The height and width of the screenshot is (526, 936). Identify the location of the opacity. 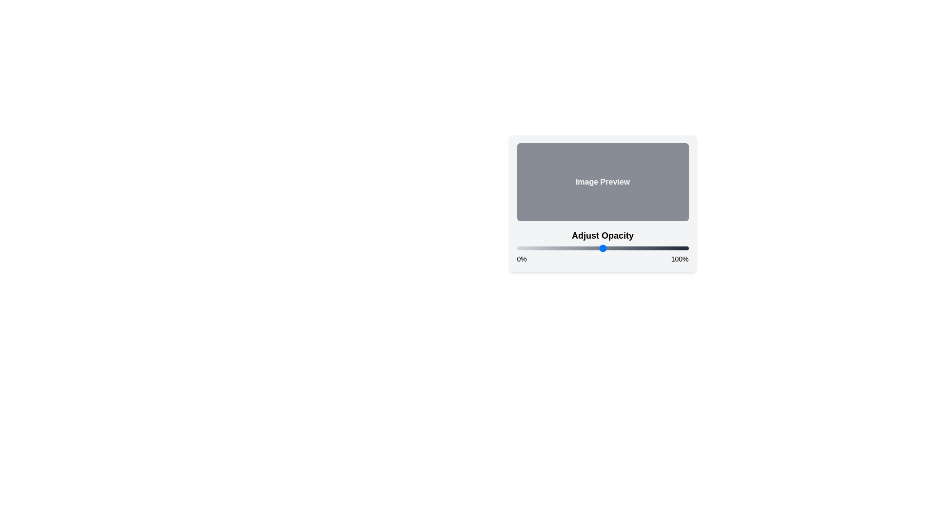
(604, 247).